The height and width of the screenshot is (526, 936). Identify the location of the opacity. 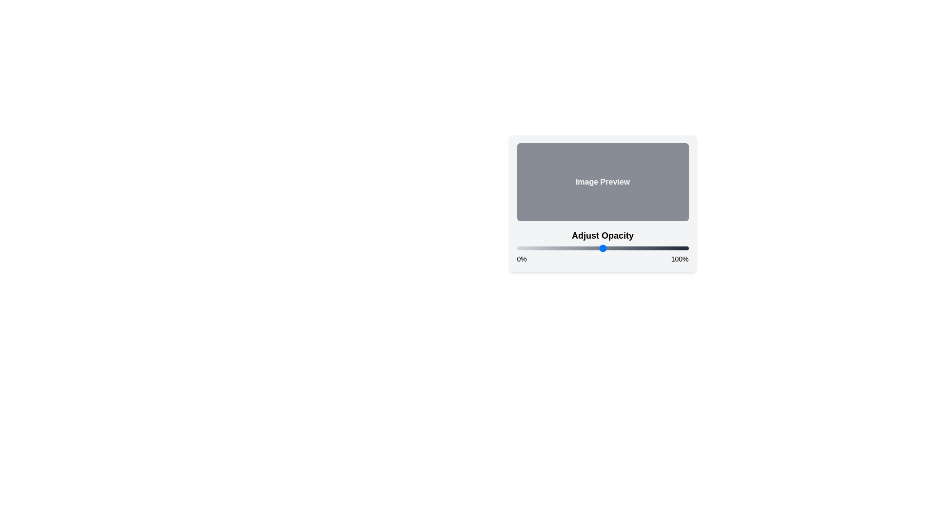
(604, 247).